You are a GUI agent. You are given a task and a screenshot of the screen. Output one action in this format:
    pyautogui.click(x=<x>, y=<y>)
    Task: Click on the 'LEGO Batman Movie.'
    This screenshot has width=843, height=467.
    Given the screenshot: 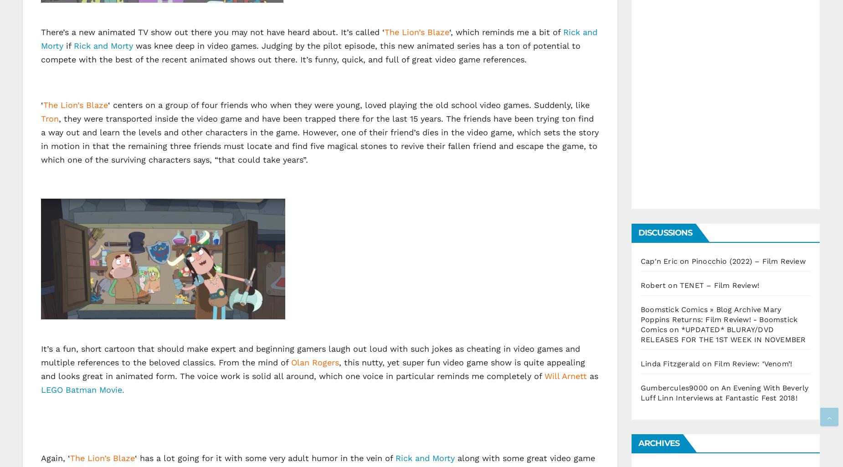 What is the action you would take?
    pyautogui.click(x=82, y=389)
    